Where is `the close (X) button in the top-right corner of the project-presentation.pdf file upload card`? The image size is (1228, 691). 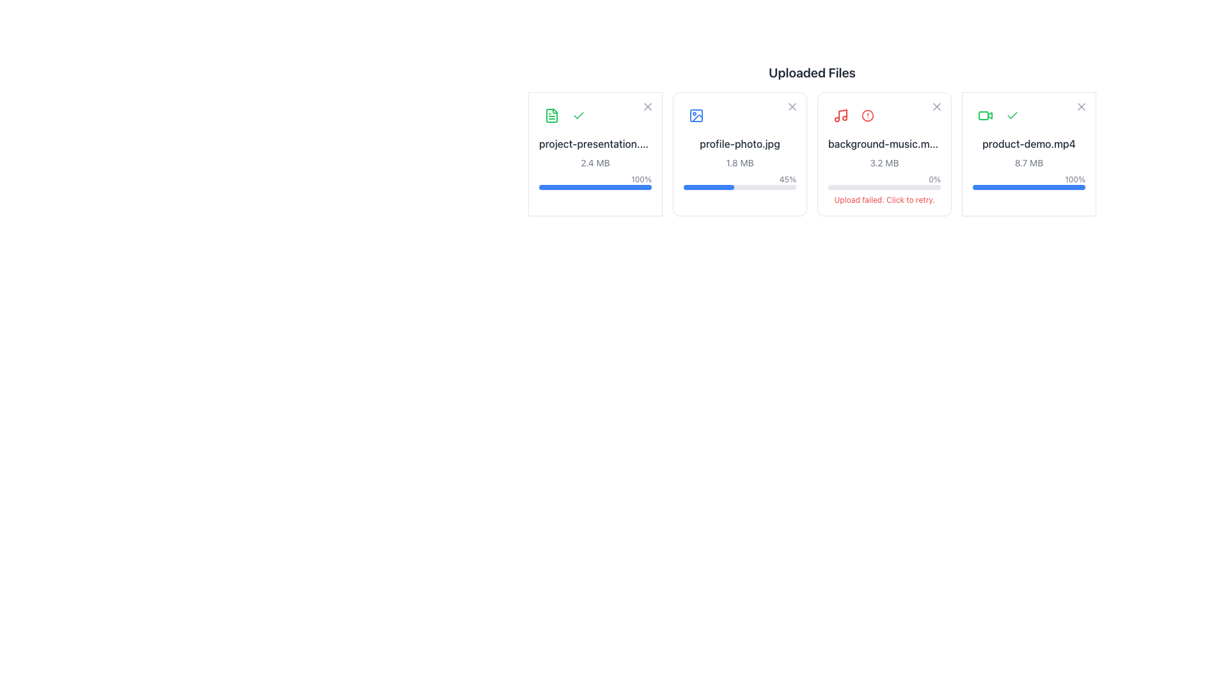 the close (X) button in the top-right corner of the project-presentation.pdf file upload card is located at coordinates (647, 107).